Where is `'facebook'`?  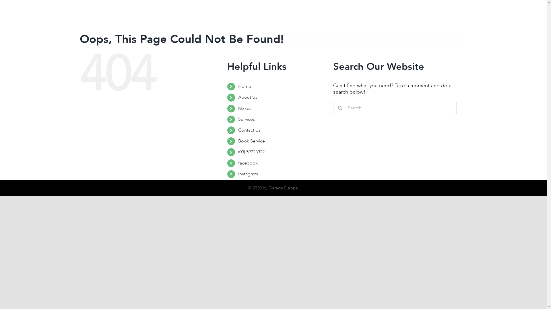
'facebook' is located at coordinates (248, 163).